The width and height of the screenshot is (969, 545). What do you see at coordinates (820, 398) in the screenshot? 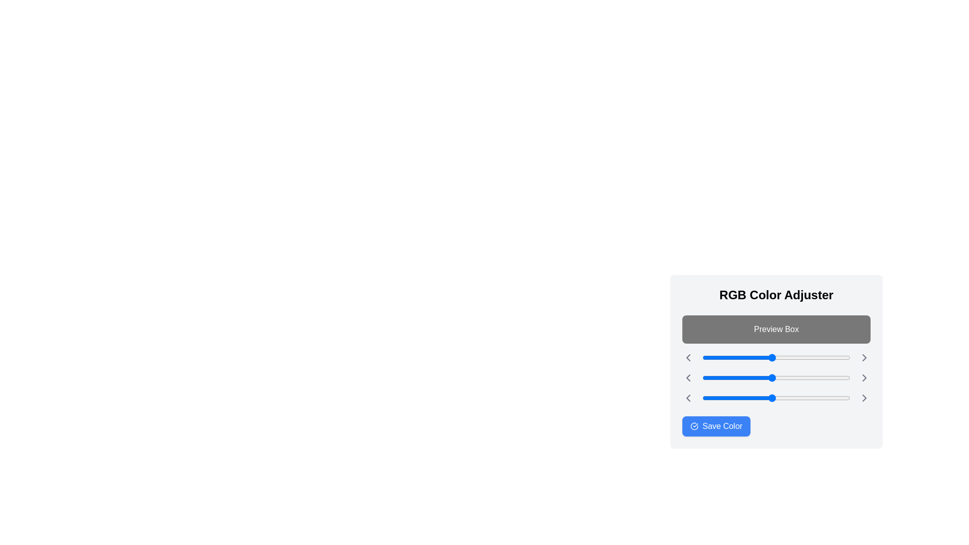
I see `the blue slider to 202` at bounding box center [820, 398].